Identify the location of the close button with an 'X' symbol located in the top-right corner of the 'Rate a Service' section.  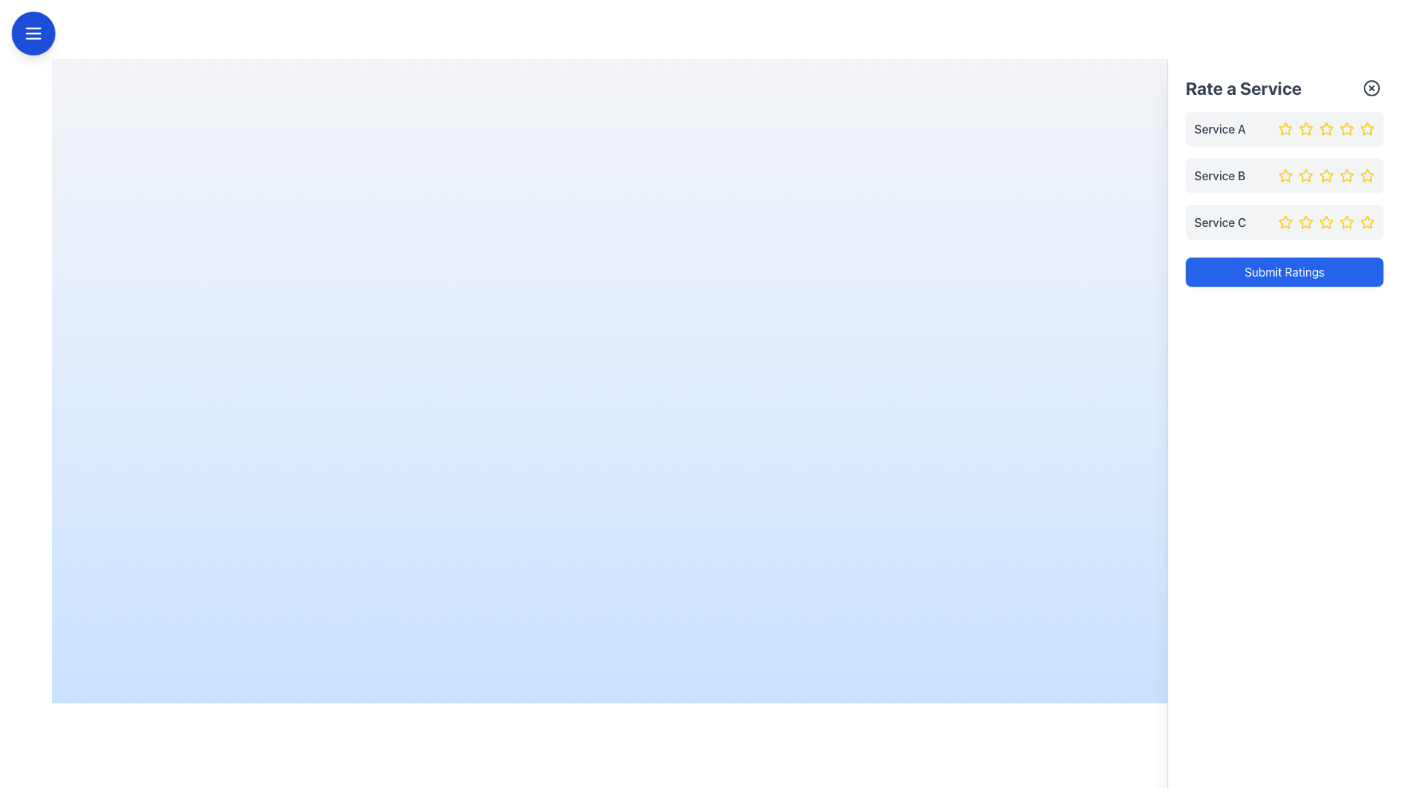
(1371, 88).